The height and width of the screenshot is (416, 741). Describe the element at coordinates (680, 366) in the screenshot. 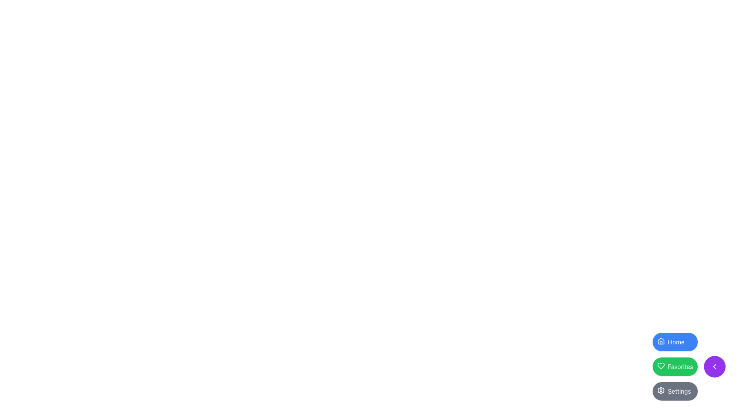

I see `text label that indicates the purpose of the 'Favorites' button, which is located within a green button and aligned with a heart icon` at that location.